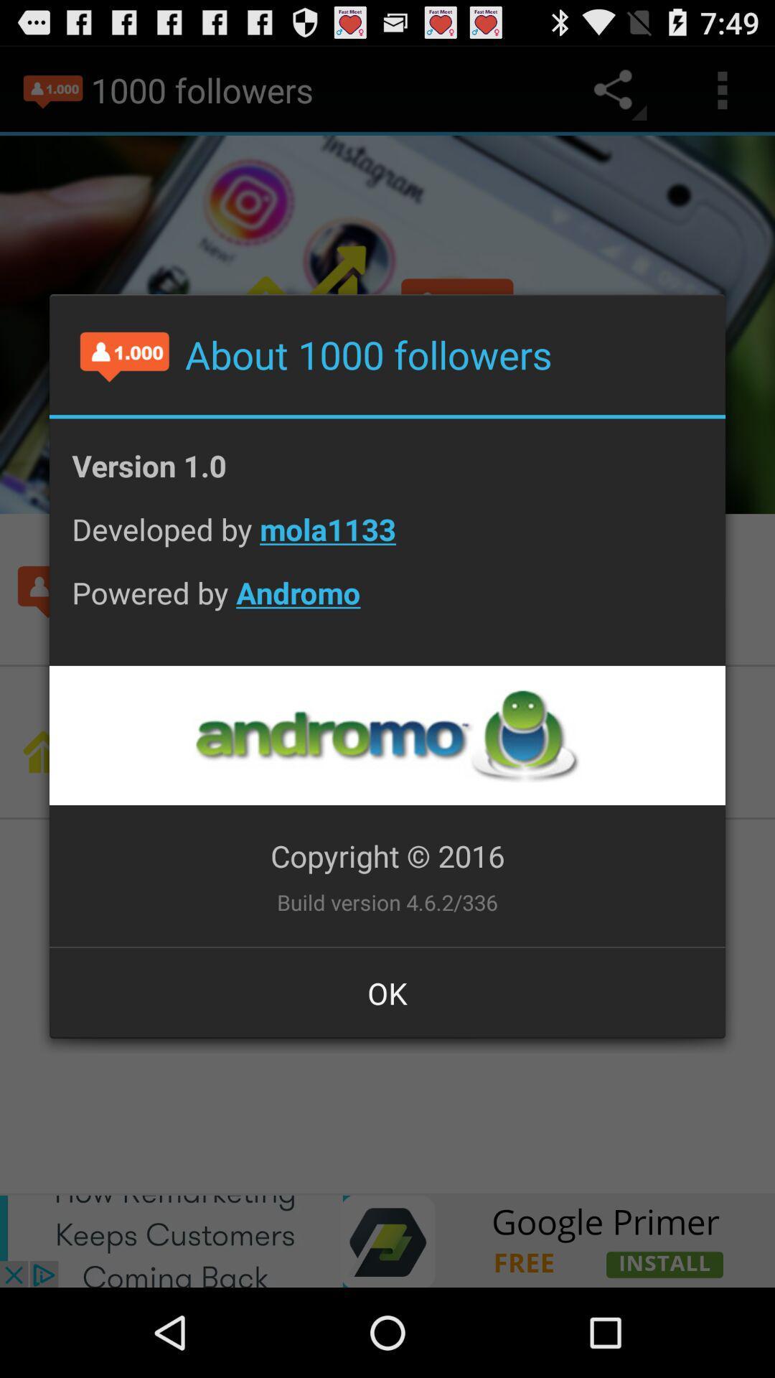  Describe the element at coordinates (386, 735) in the screenshot. I see `the icon below the powered by andromo icon` at that location.